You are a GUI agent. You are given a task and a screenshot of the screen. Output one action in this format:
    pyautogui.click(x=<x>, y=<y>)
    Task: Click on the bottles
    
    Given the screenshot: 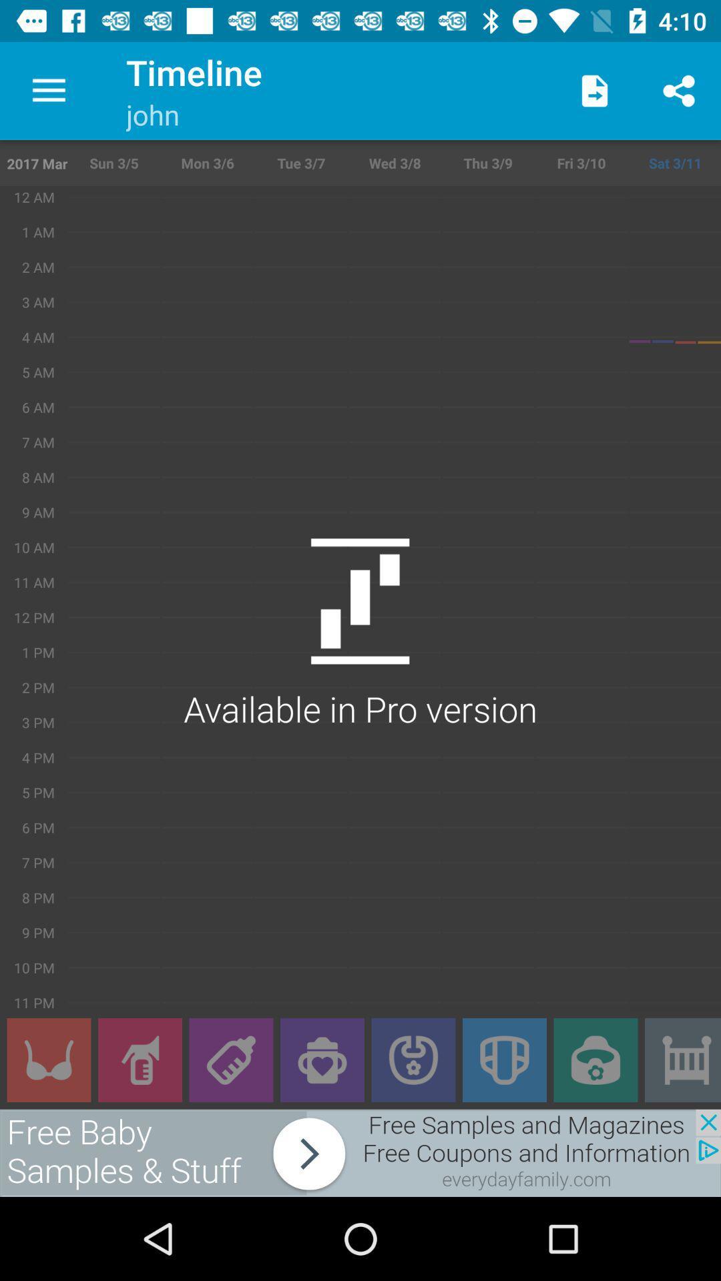 What is the action you would take?
    pyautogui.click(x=230, y=1059)
    